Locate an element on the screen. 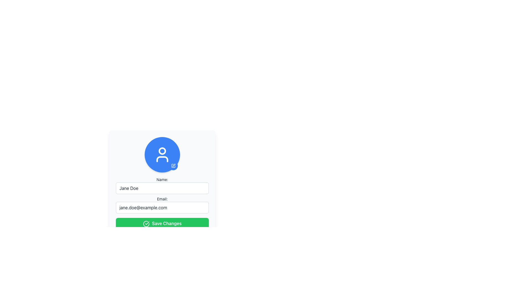  the user profile icon, which is a circular blue background with a white outlined user silhouette, located above the 'Name' and 'Email' input fields in the user profile card layout is located at coordinates (162, 155).